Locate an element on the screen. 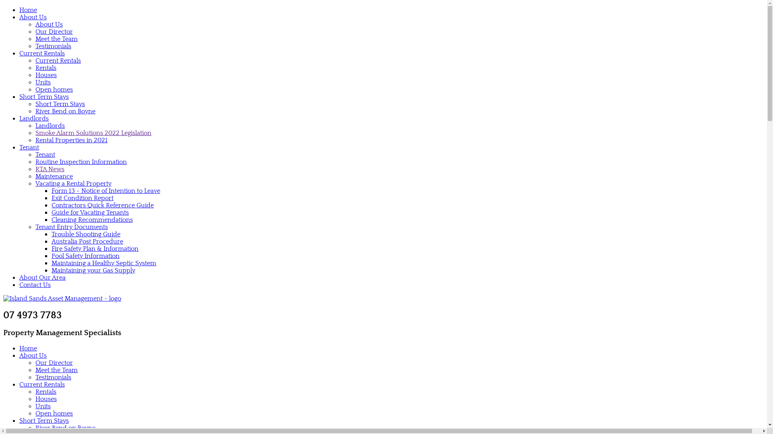  'Tenant Entry Documents' is located at coordinates (71, 227).